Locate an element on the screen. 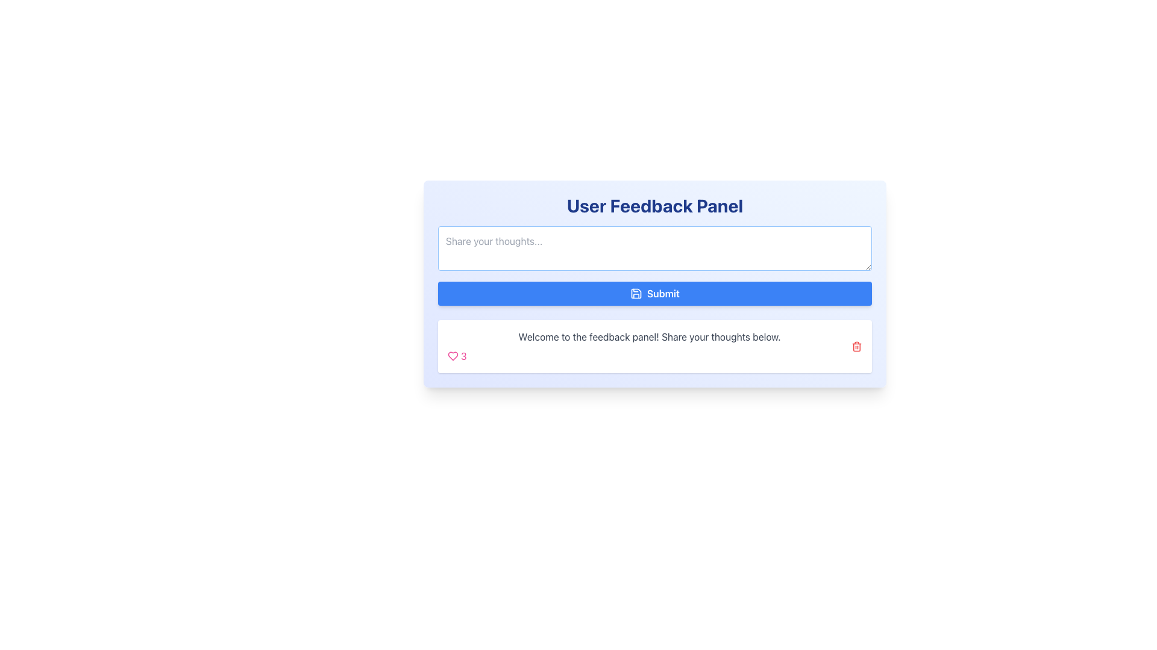  the 'User Feedback Panel' text label, which is prominently displayed in bold and blue color at the top of the feedback panel is located at coordinates (654, 205).